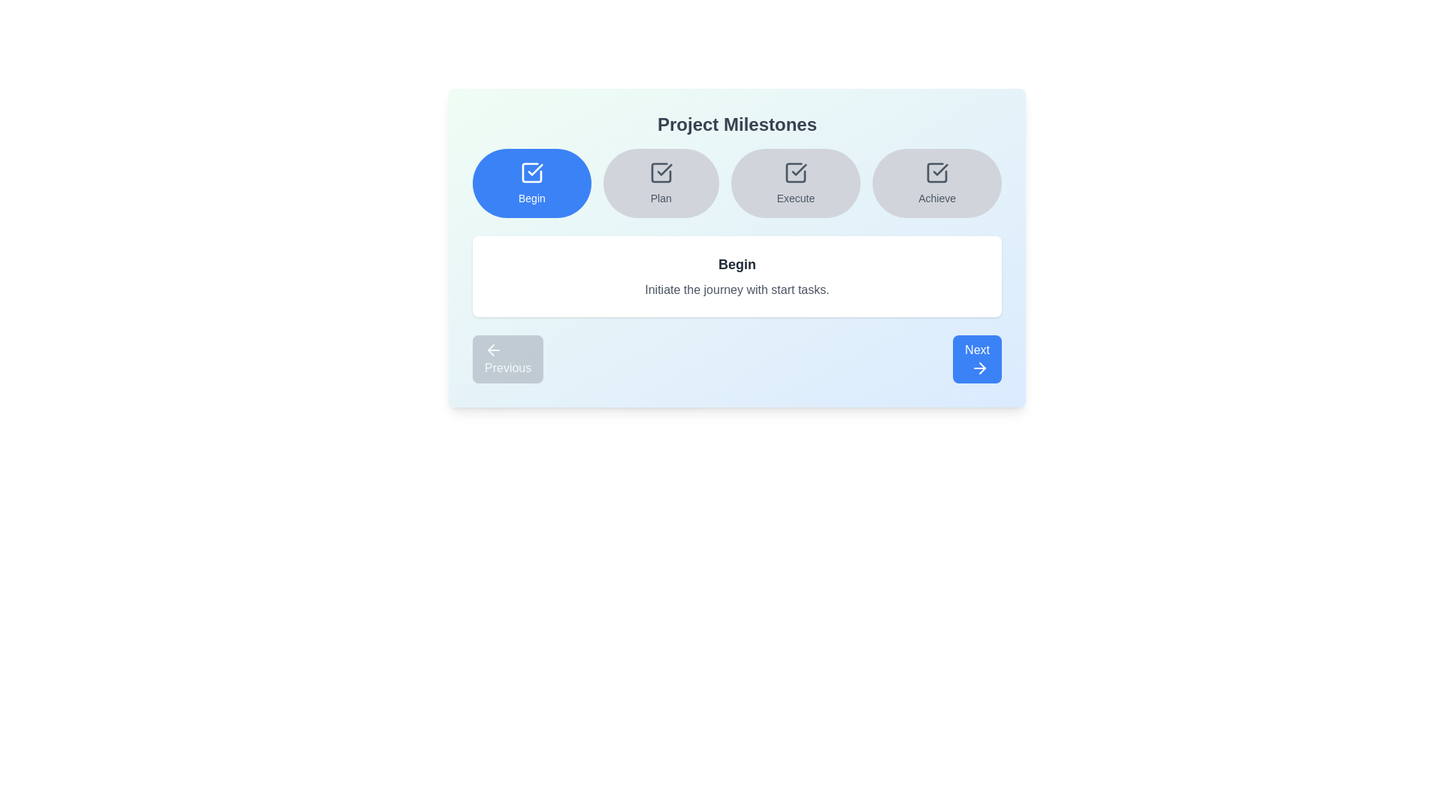 The image size is (1443, 812). What do you see at coordinates (661, 182) in the screenshot?
I see `the 'Plan' button, which is a rounded rectangular button with a gray background and centered text 'Plan', located to the right of the 'Begin' button` at bounding box center [661, 182].